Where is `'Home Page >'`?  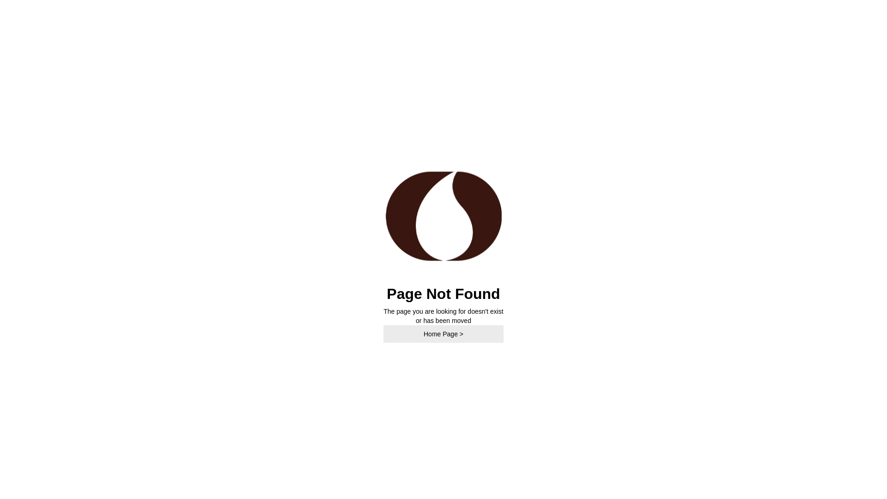 'Home Page >' is located at coordinates (443, 334).